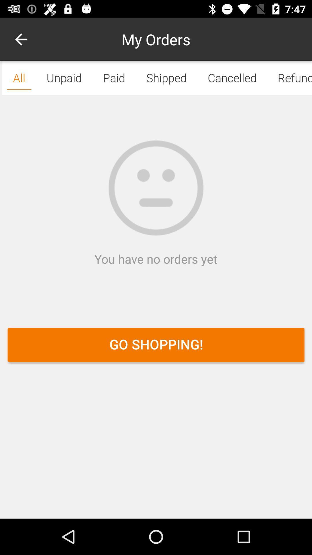 The image size is (312, 555). What do you see at coordinates (64, 77) in the screenshot?
I see `option right all option` at bounding box center [64, 77].